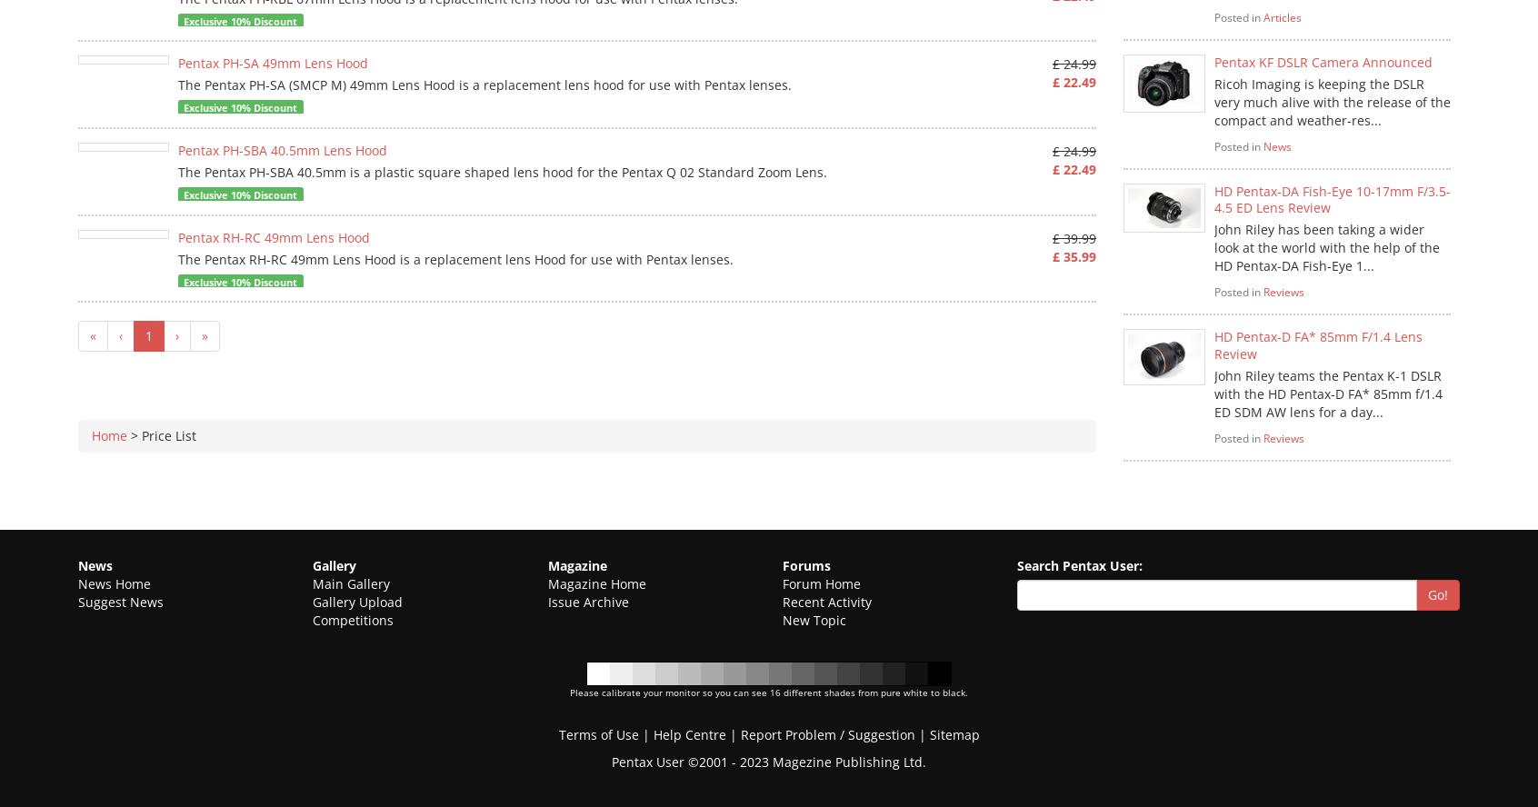 This screenshot has height=807, width=1538. I want to click on '>  Price List', so click(160, 435).